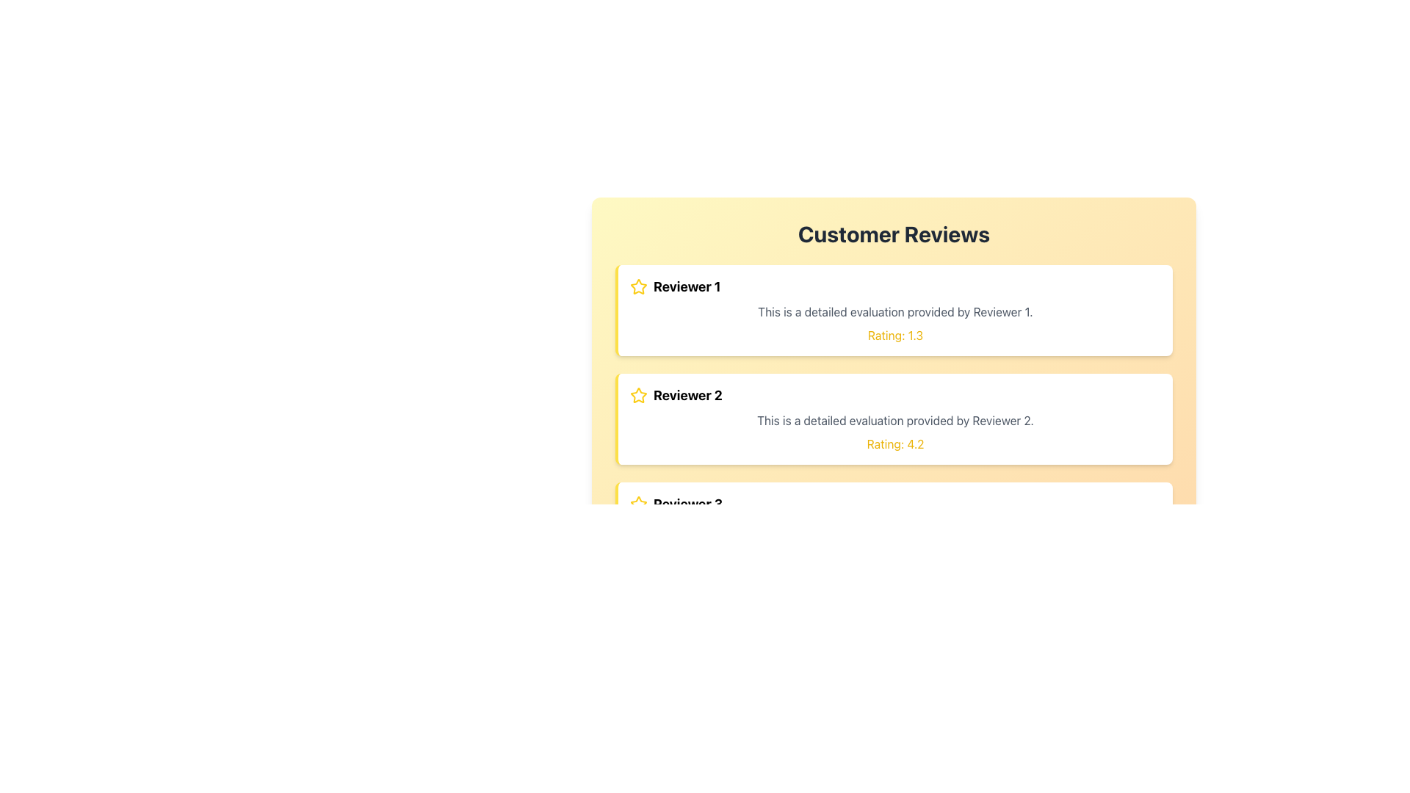 The image size is (1410, 793). Describe the element at coordinates (894, 311) in the screenshot. I see `the descriptive text label that provides feedback from Reviewer 1, which is located below the title 'Reviewer 1' and above the 'Rating: 1.3' text` at that location.